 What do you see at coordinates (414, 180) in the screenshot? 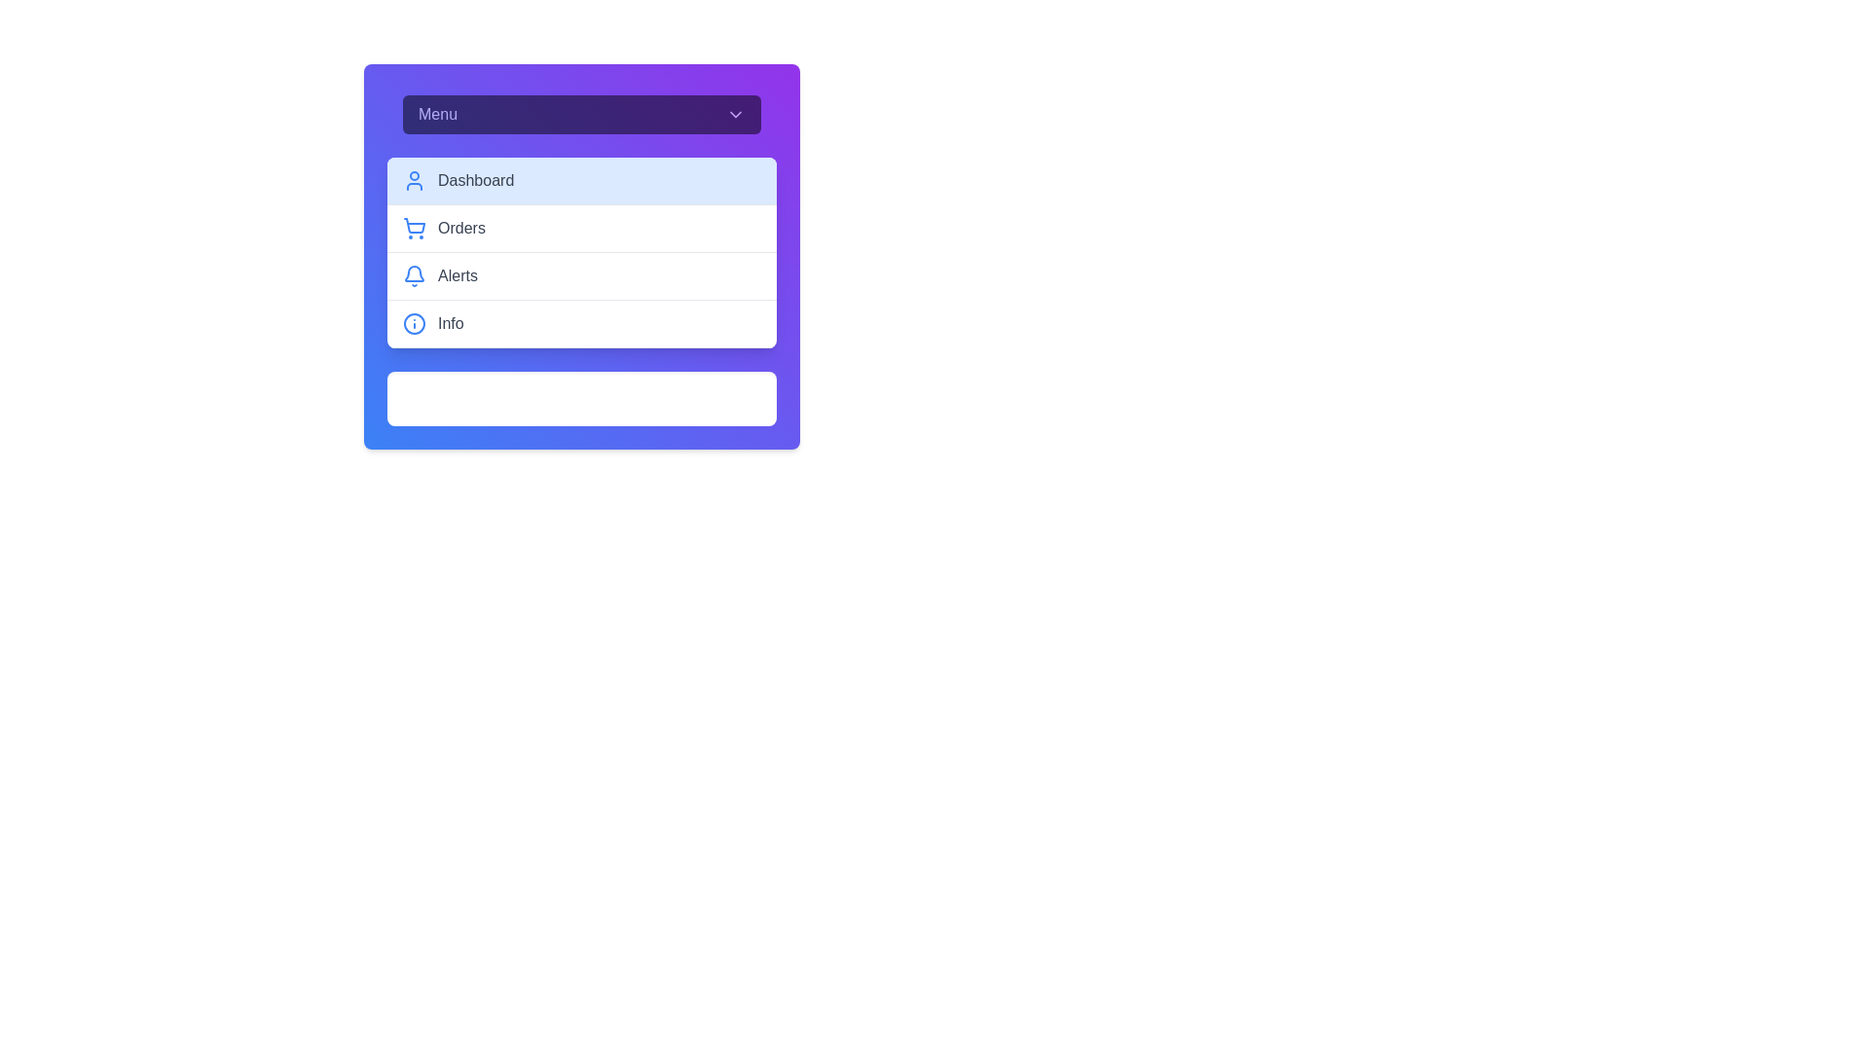
I see `the user-related dashboard icon, which is located in the first list item of the vertical menu, to the left of the 'Dashboard' text label and within the blue-highlighted row` at bounding box center [414, 180].